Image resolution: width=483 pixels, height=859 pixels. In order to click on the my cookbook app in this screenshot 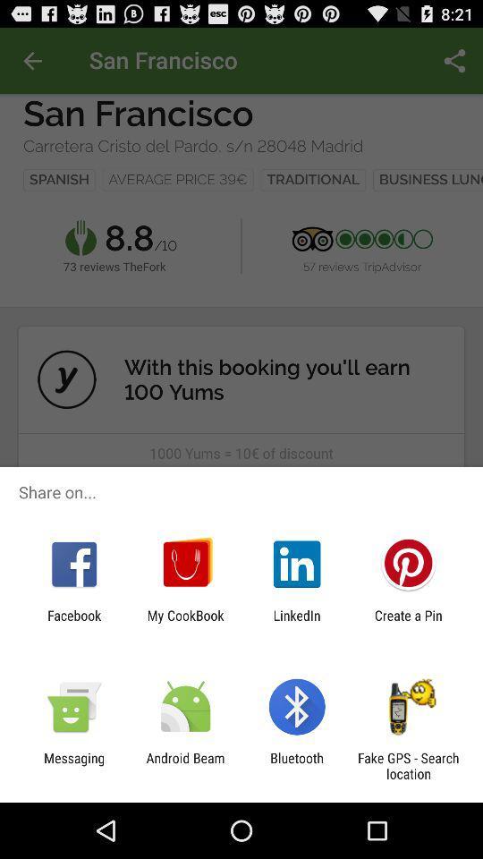, I will do `click(184, 623)`.